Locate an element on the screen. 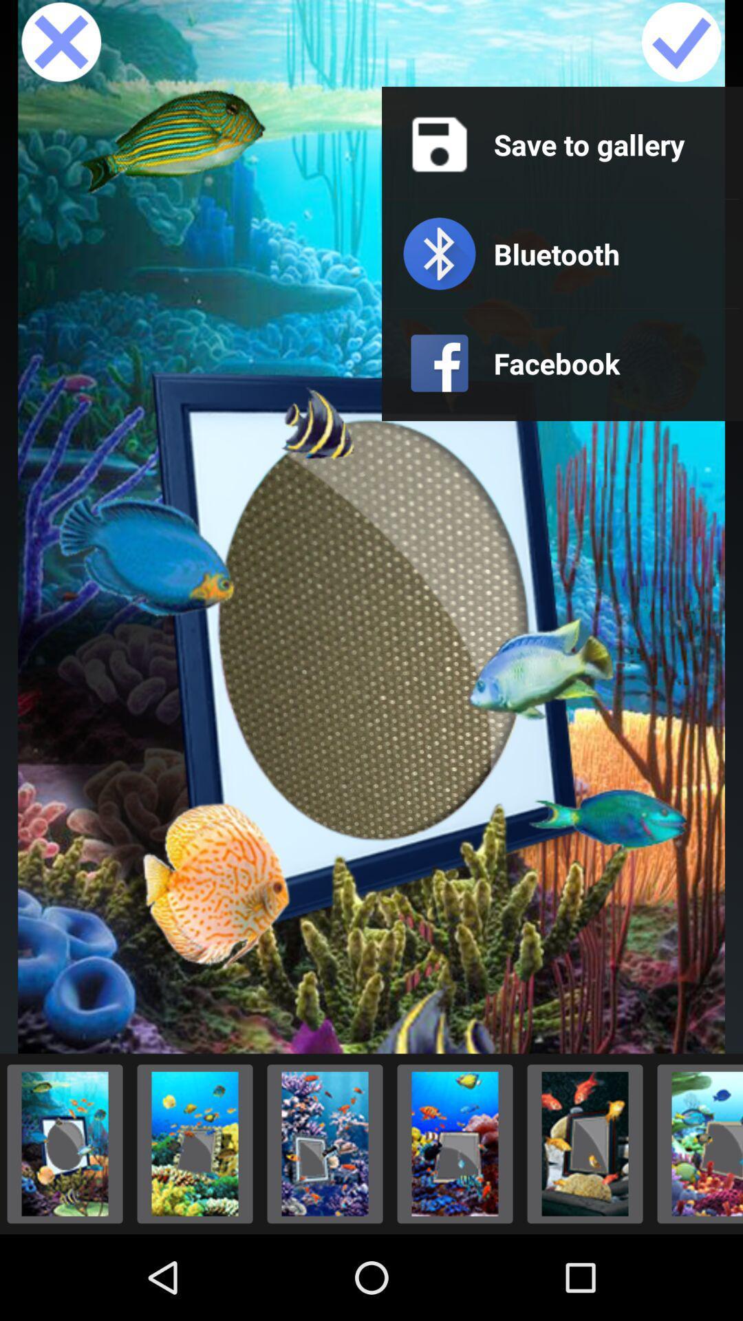 This screenshot has height=1321, width=743. background is located at coordinates (455, 1143).